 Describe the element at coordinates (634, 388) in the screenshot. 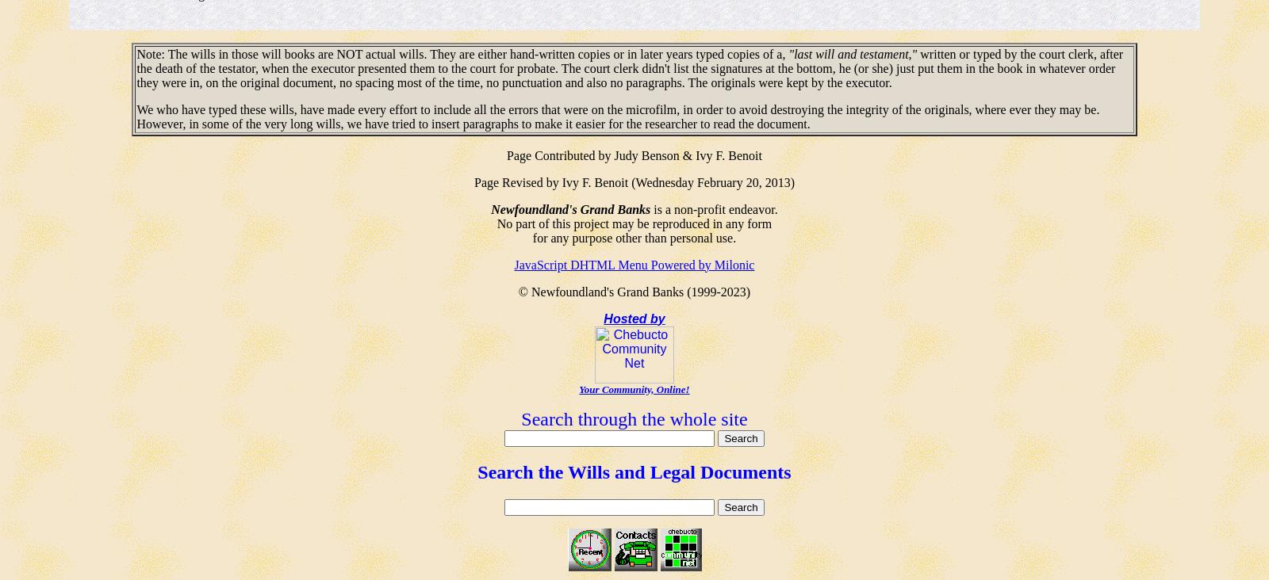

I see `'Your Community, Online!'` at that location.